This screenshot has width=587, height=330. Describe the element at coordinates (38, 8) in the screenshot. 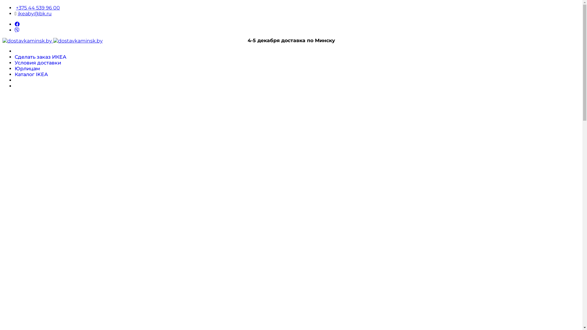

I see `'+375 44 539 96 00'` at that location.